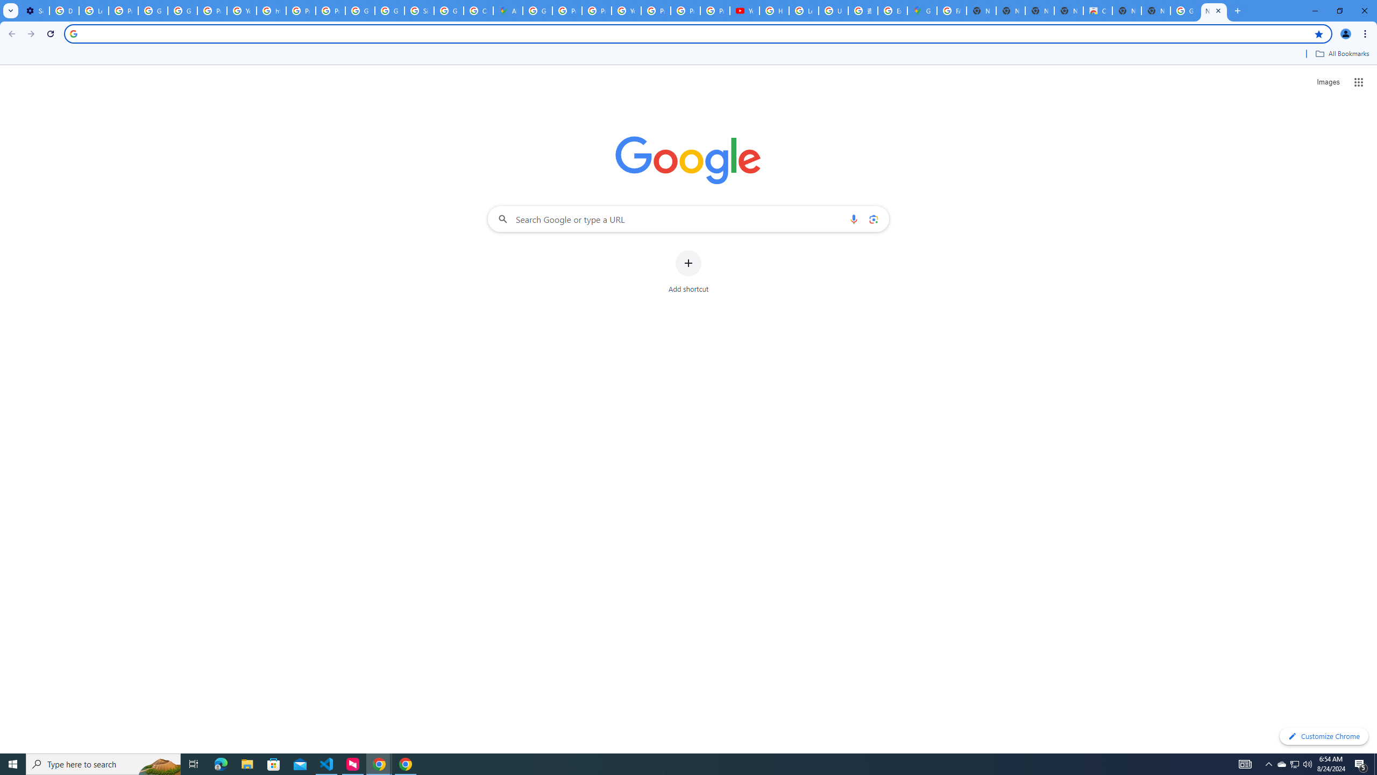  Describe the element at coordinates (1097, 10) in the screenshot. I see `'Chrome Web Store'` at that location.